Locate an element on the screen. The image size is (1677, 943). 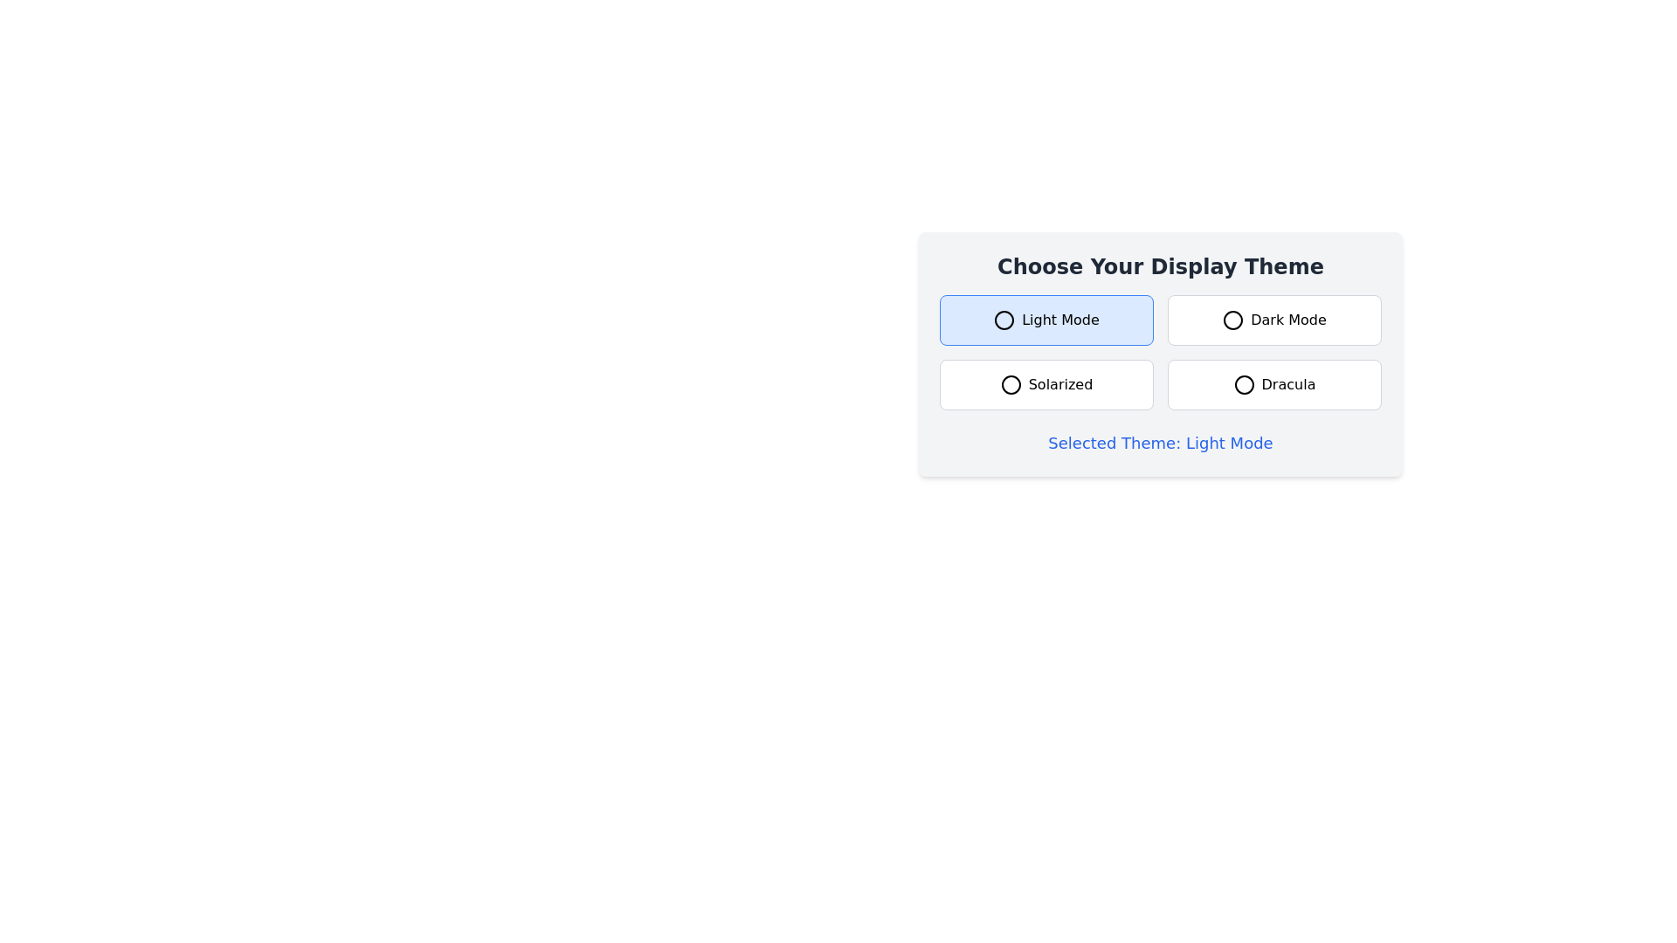
the circular selection indicator (radio button) located at the center of the 'Dark Mode' button is located at coordinates (1232, 320).